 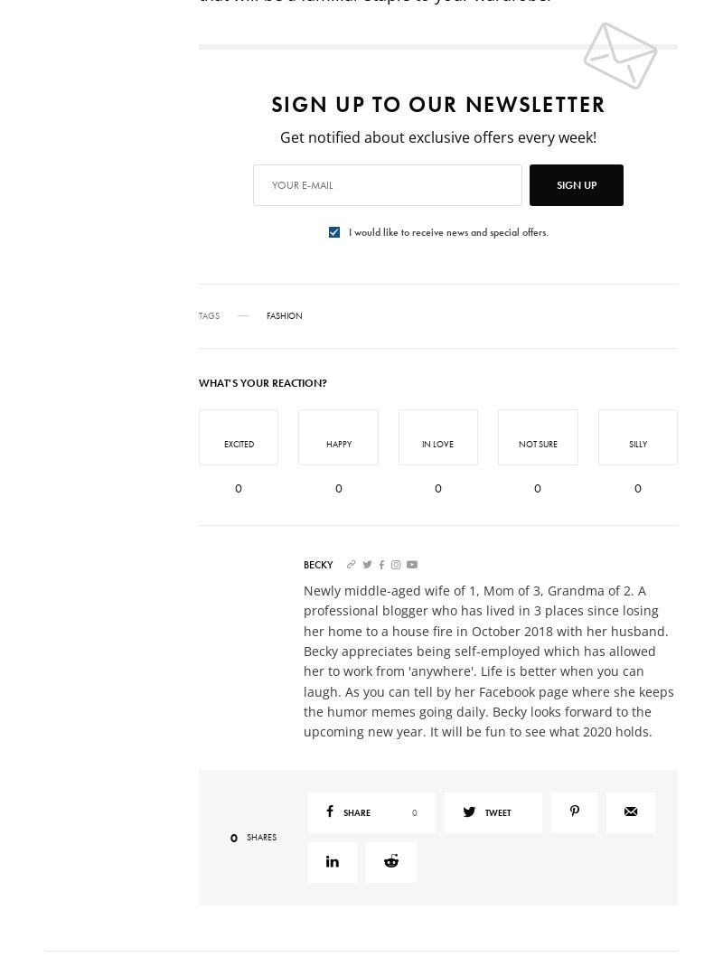 I want to click on 'Fashion', so click(x=267, y=314).